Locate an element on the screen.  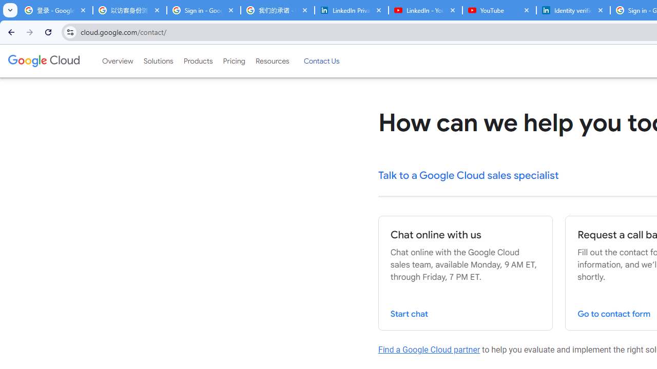
'LinkedIn - YouTube' is located at coordinates (425, 10).